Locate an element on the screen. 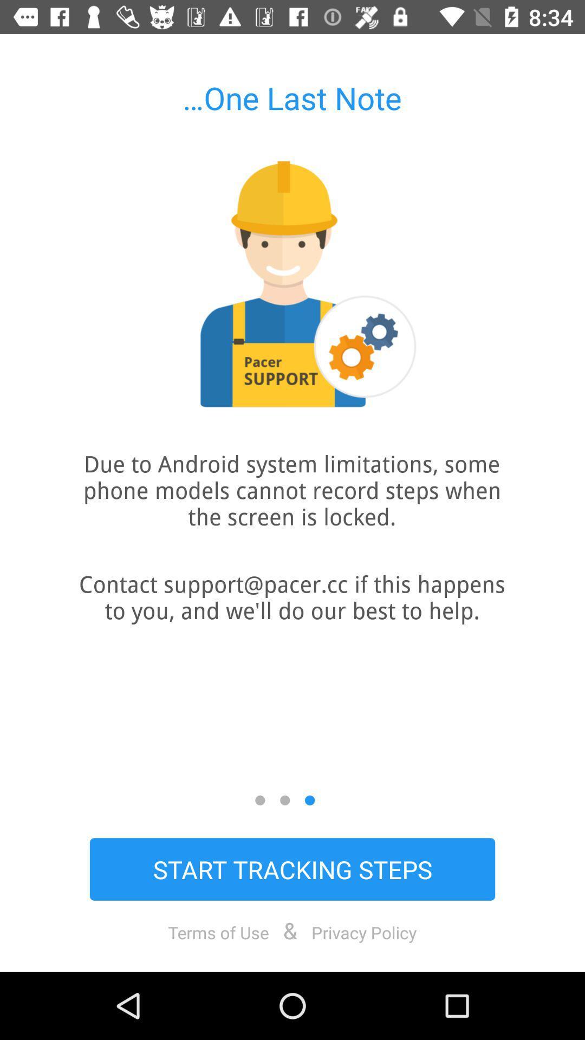  the terms of use item is located at coordinates (218, 932).